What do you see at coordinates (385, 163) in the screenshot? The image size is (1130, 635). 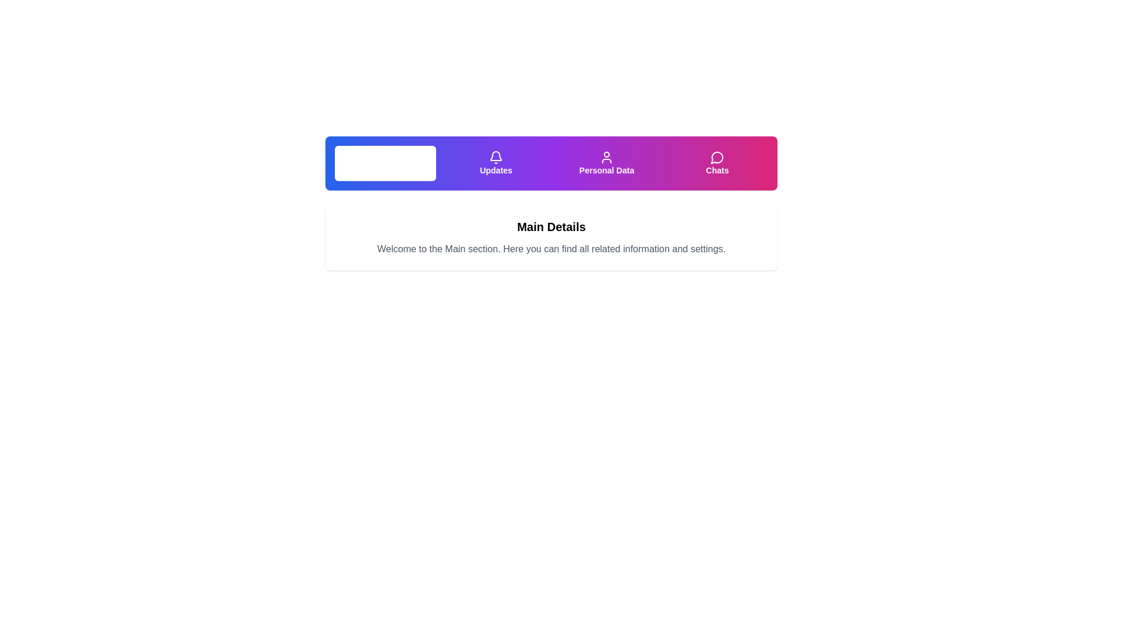 I see `the first button in the row of four buttons located at the top center of the interface` at bounding box center [385, 163].